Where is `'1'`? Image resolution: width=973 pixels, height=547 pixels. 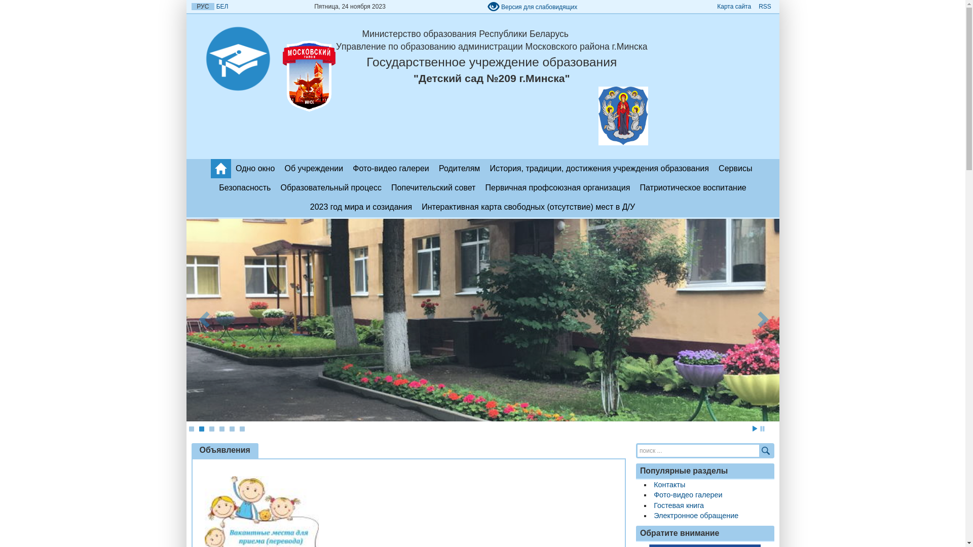
'1' is located at coordinates (191, 429).